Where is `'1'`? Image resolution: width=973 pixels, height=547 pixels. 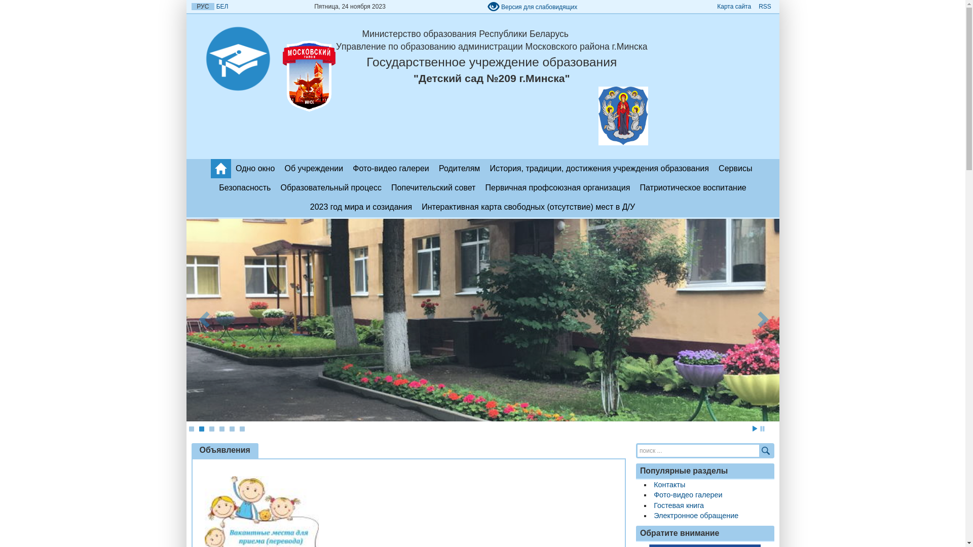
'1' is located at coordinates (191, 429).